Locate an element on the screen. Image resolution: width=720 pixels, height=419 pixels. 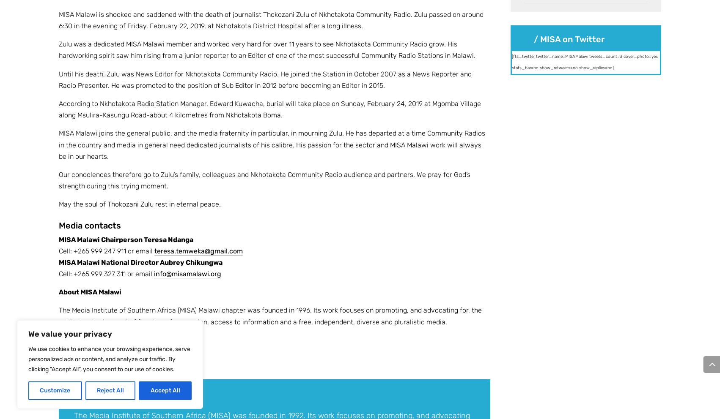
'May the soul of Thokozani Zulu rest in eternal peace.' is located at coordinates (140, 204).